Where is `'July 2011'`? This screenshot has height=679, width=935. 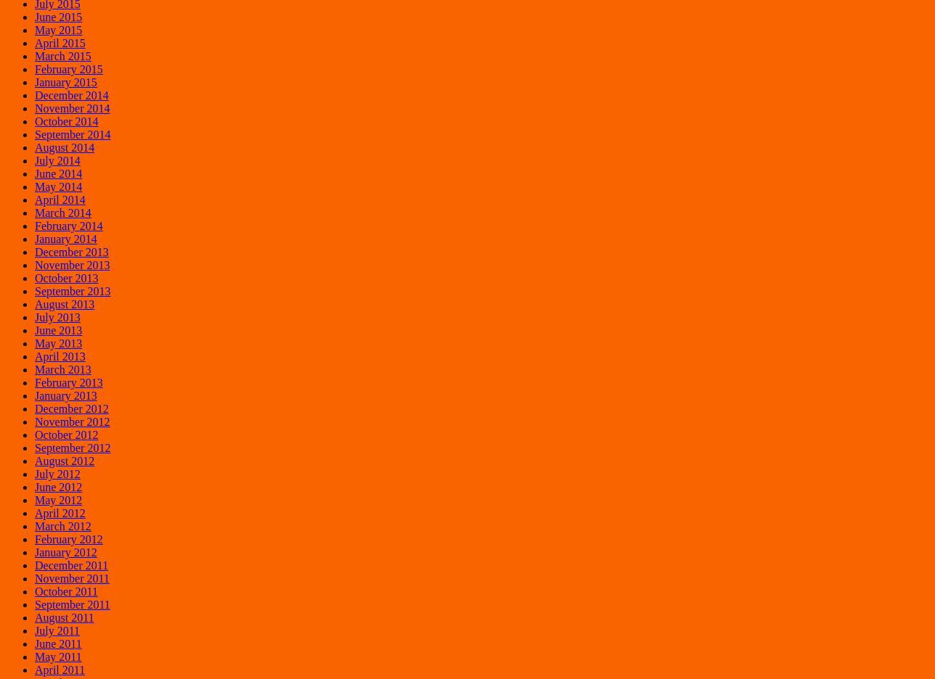
'July 2011' is located at coordinates (57, 629).